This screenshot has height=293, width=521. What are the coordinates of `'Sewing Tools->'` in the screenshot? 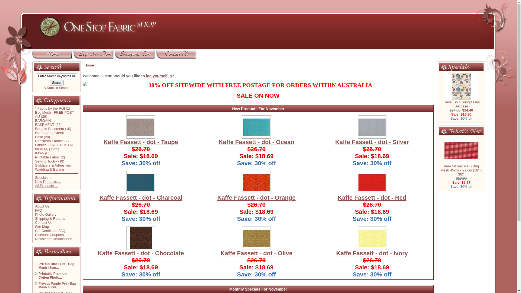 It's located at (47, 161).